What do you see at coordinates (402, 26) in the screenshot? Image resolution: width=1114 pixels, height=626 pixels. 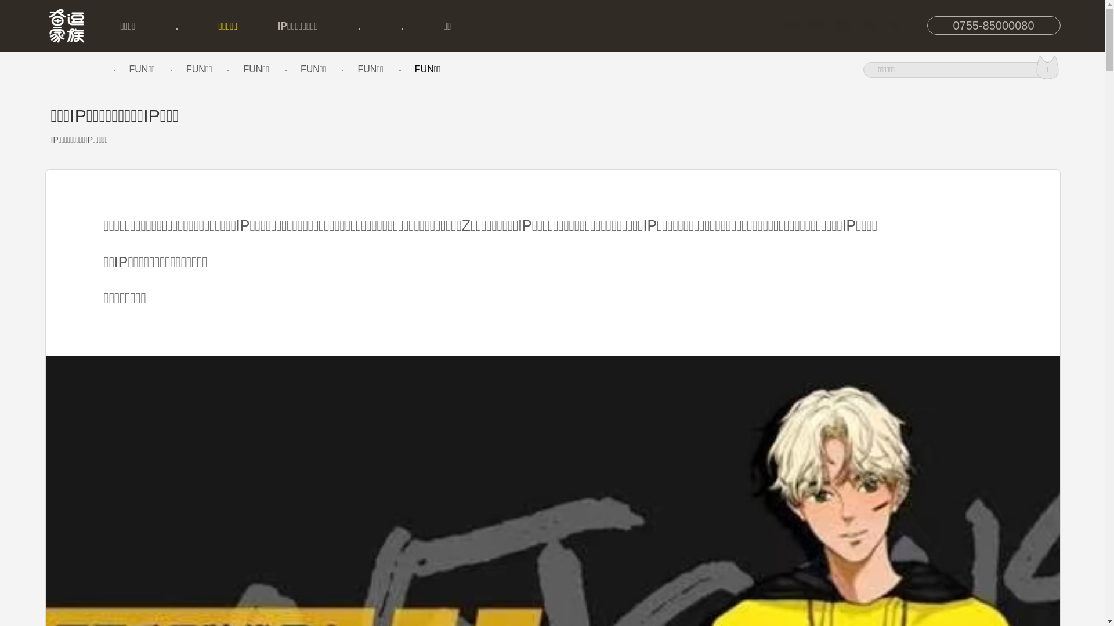 I see `'.'` at bounding box center [402, 26].